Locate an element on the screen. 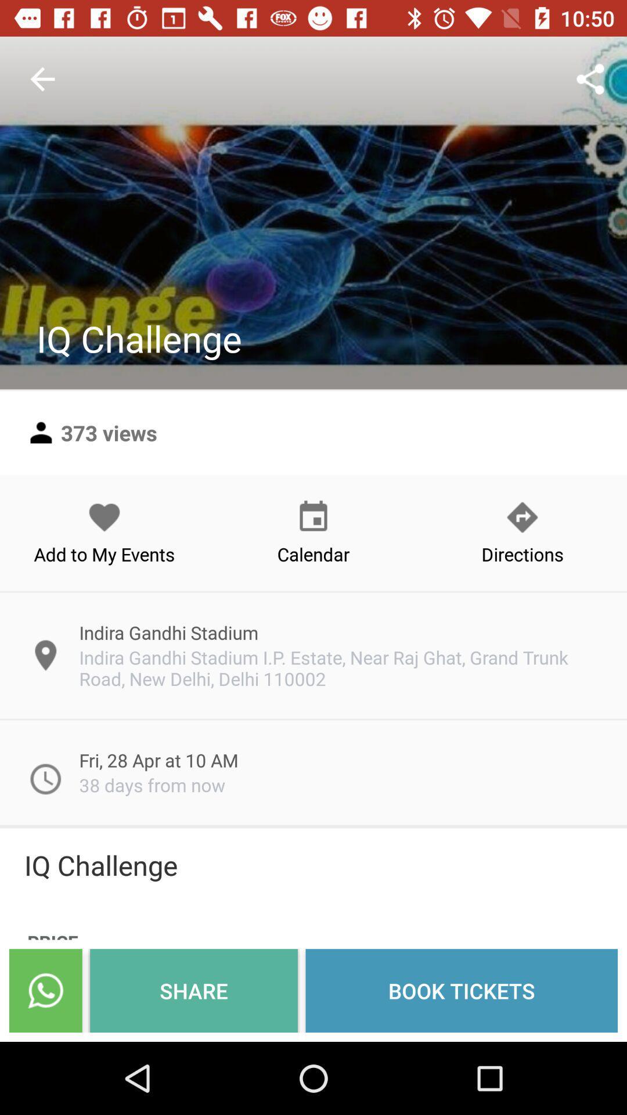 This screenshot has width=627, height=1115. the directions on the right is located at coordinates (521, 532).